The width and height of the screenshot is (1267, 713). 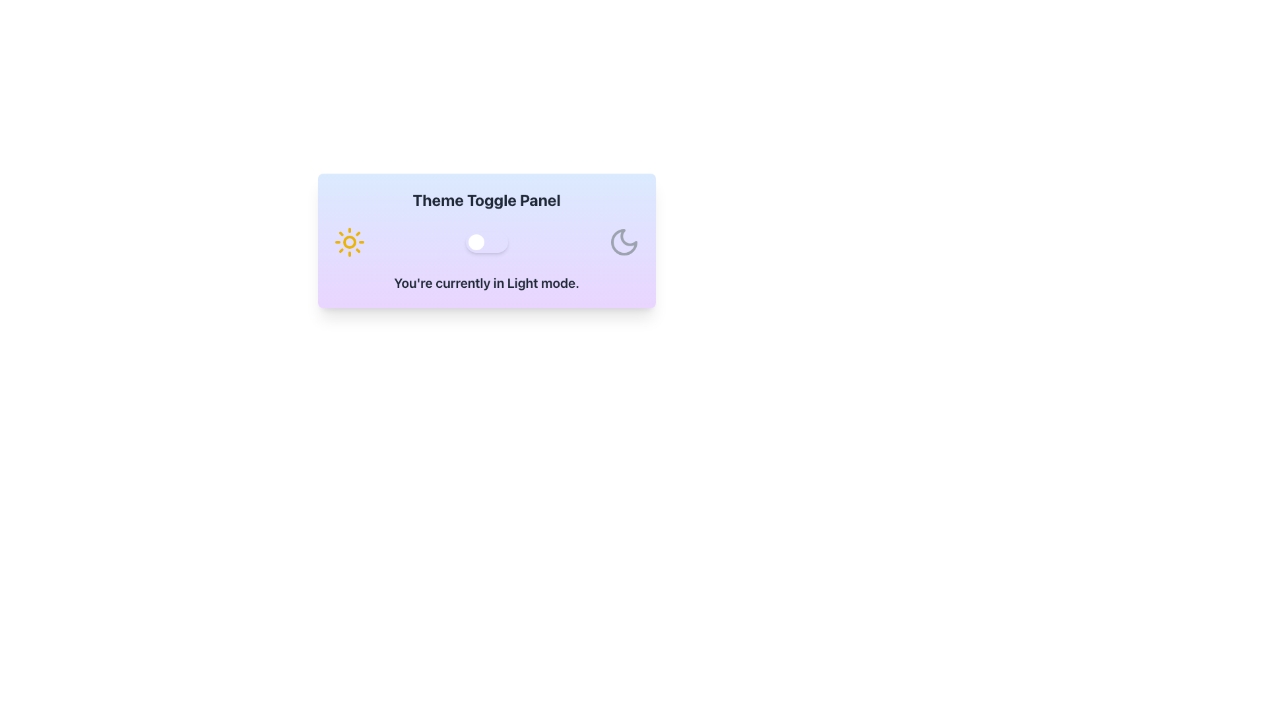 What do you see at coordinates (349, 242) in the screenshot?
I see `the bright yellow sun icon representing light mode located in the top-left corner of the 'Theme Toggle Panel' for interaction` at bounding box center [349, 242].